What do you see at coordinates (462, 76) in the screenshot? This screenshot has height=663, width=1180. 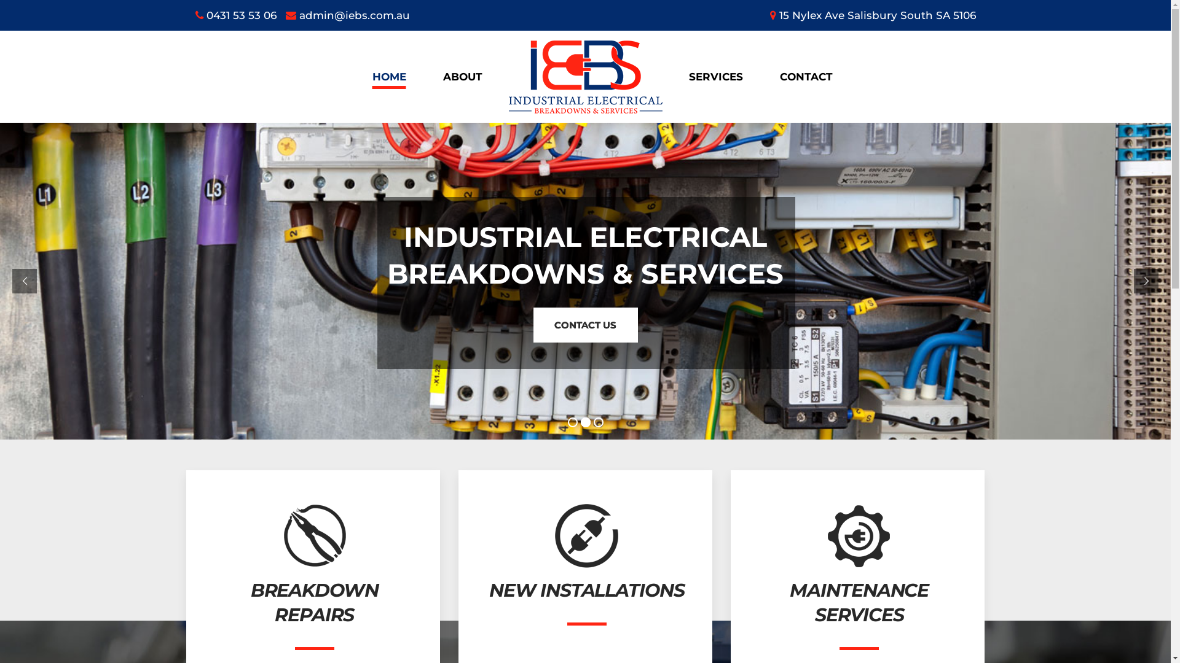 I see `'ABOUT'` at bounding box center [462, 76].